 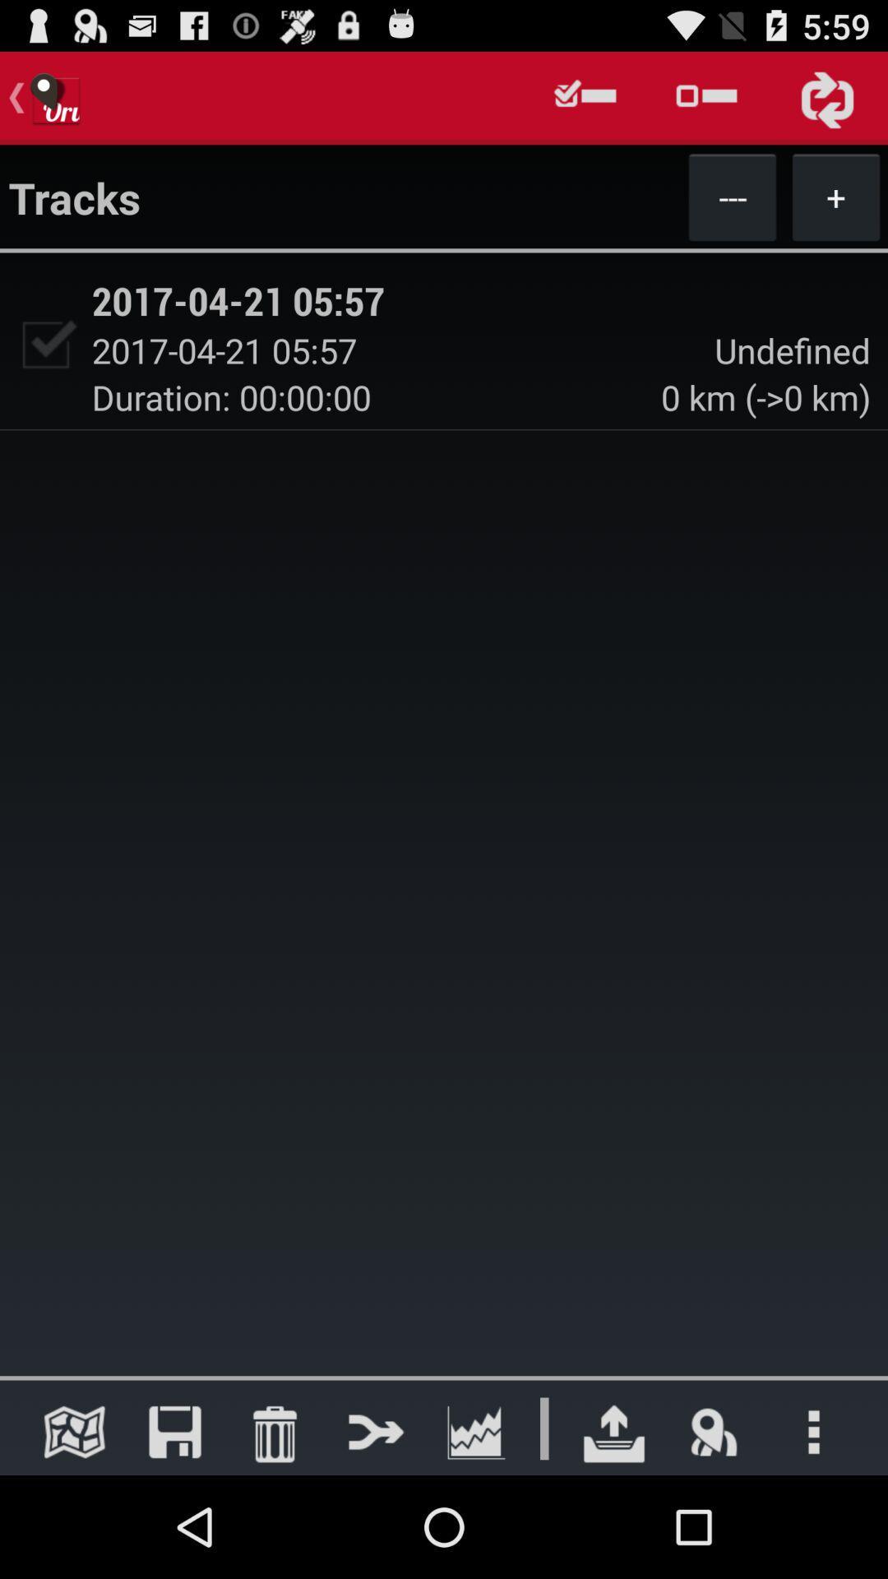 I want to click on the icon to the right of the --- item, so click(x=836, y=197).